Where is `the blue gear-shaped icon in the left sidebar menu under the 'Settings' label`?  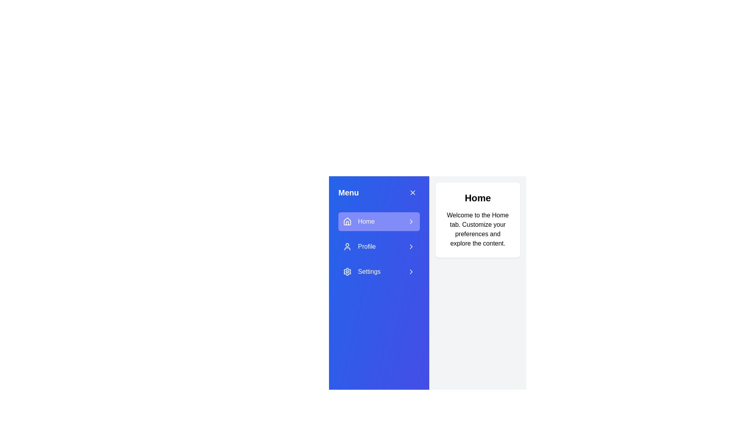 the blue gear-shaped icon in the left sidebar menu under the 'Settings' label is located at coordinates (347, 271).